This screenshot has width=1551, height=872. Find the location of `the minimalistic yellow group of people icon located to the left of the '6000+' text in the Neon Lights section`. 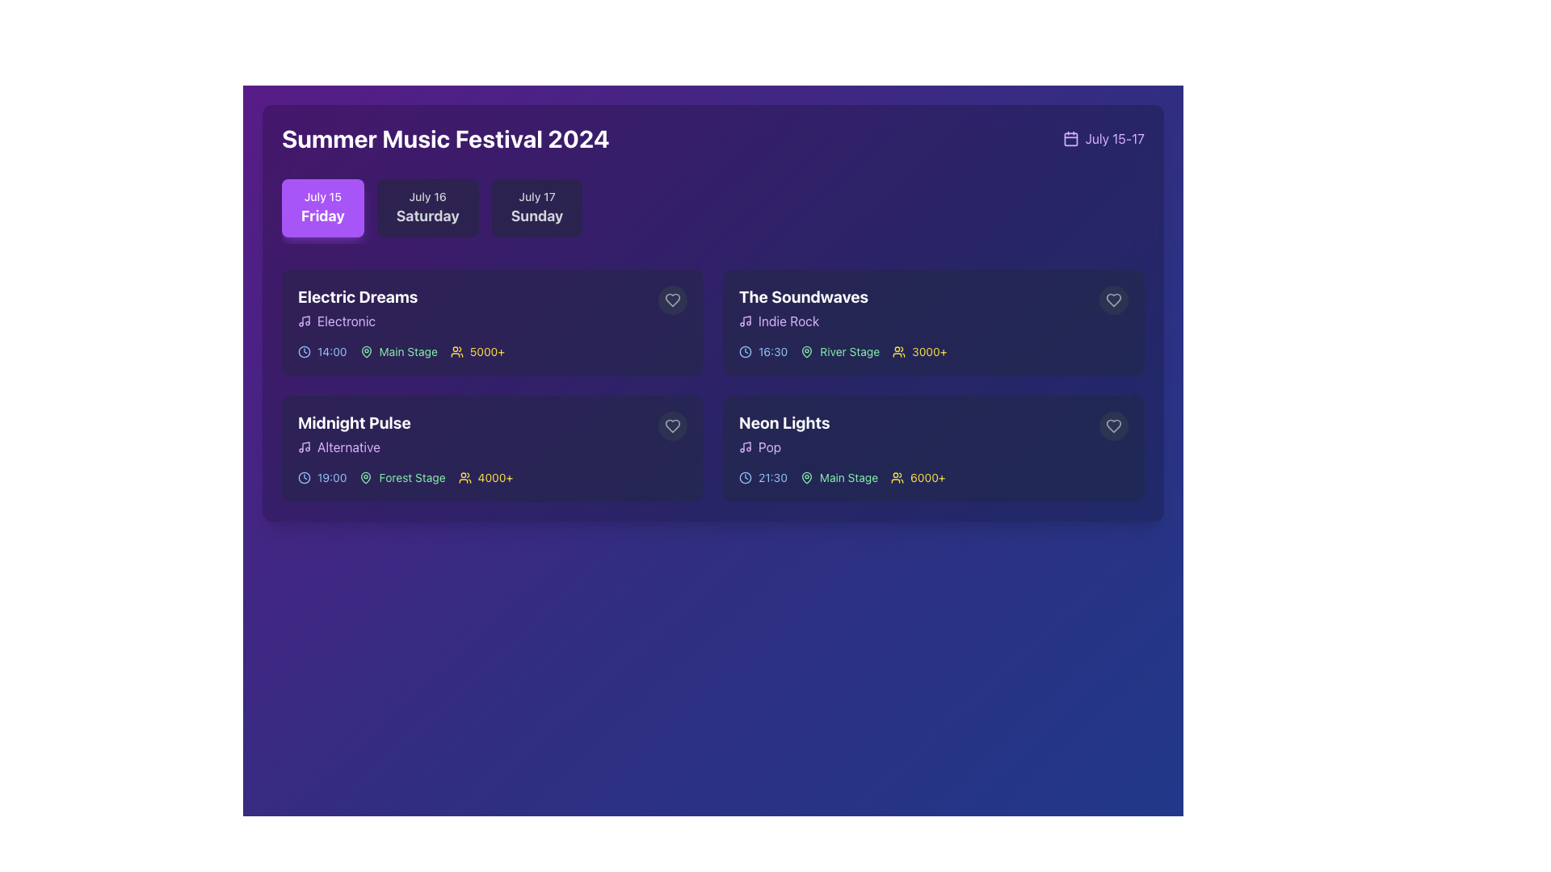

the minimalistic yellow group of people icon located to the left of the '6000+' text in the Neon Lights section is located at coordinates (897, 476).